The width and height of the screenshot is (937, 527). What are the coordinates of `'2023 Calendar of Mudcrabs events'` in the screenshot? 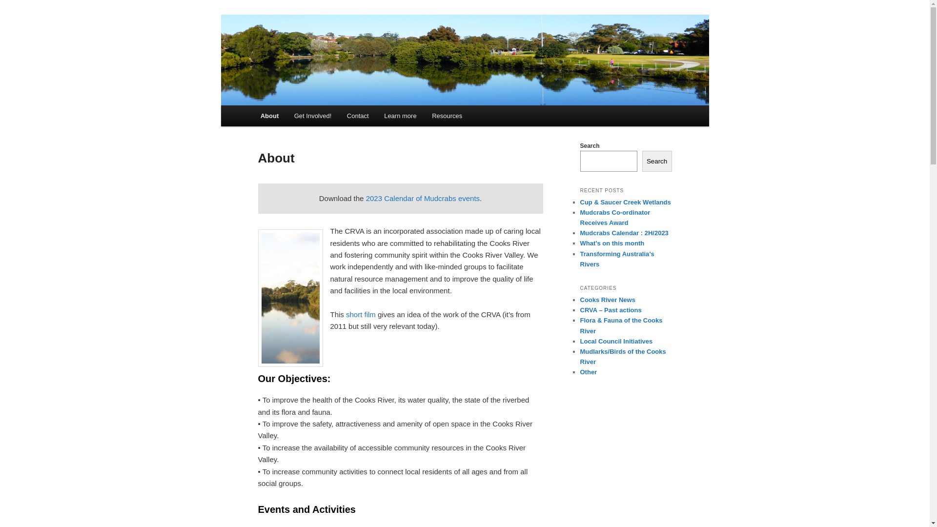 It's located at (423, 198).